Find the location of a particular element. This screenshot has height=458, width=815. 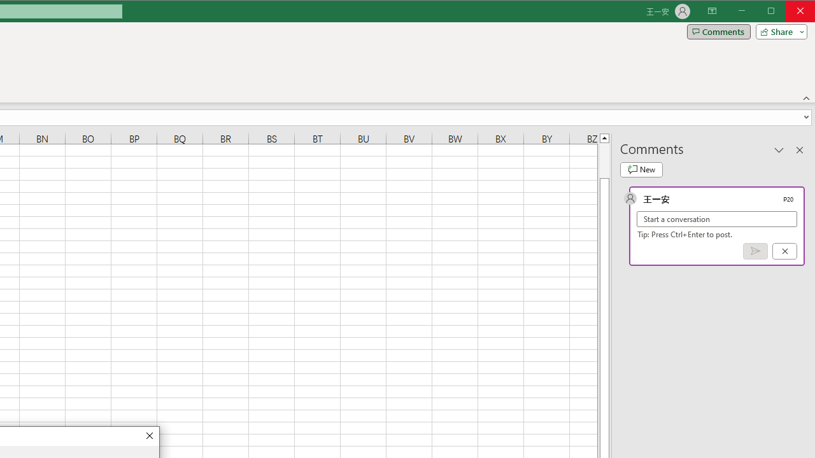

'Cancel' is located at coordinates (784, 251).